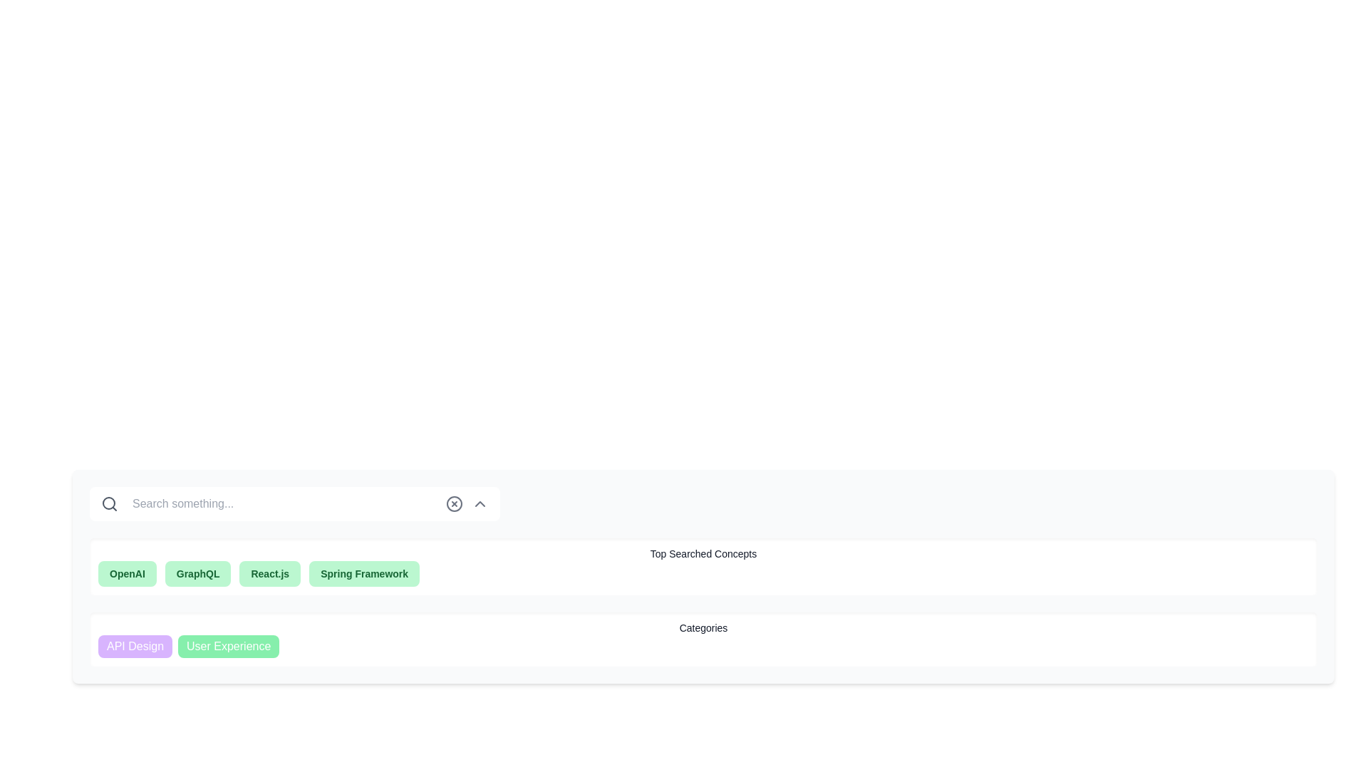 The width and height of the screenshot is (1368, 770). I want to click on the toggle button with a chevron-up icon located in the rightmost section of the group, so click(480, 503).